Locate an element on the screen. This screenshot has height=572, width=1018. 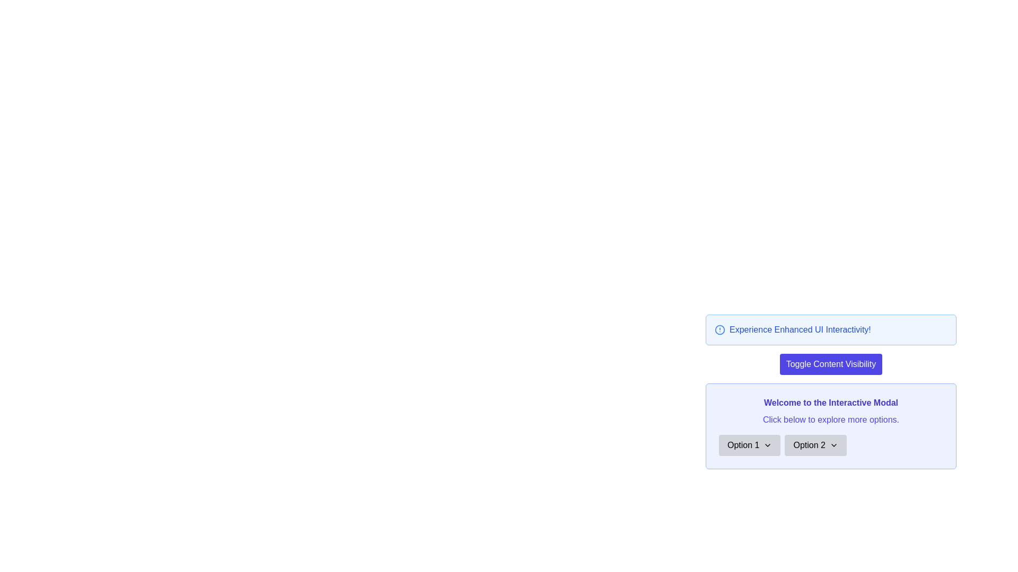
the Dropdown button labeled 'Option 1', which is a rectangular button with a downwards arrow, positioned below the headline 'Welcome to the Interactive Modal' is located at coordinates (749, 445).